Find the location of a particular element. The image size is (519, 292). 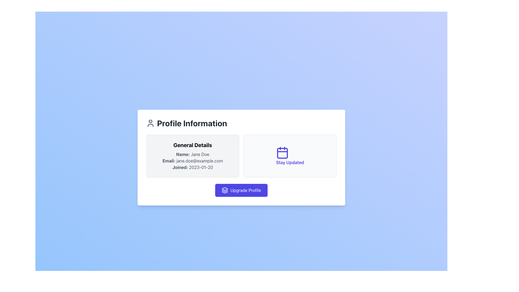

the text label displaying the user's joining date, located within the 'General Details' panel is located at coordinates (193, 167).